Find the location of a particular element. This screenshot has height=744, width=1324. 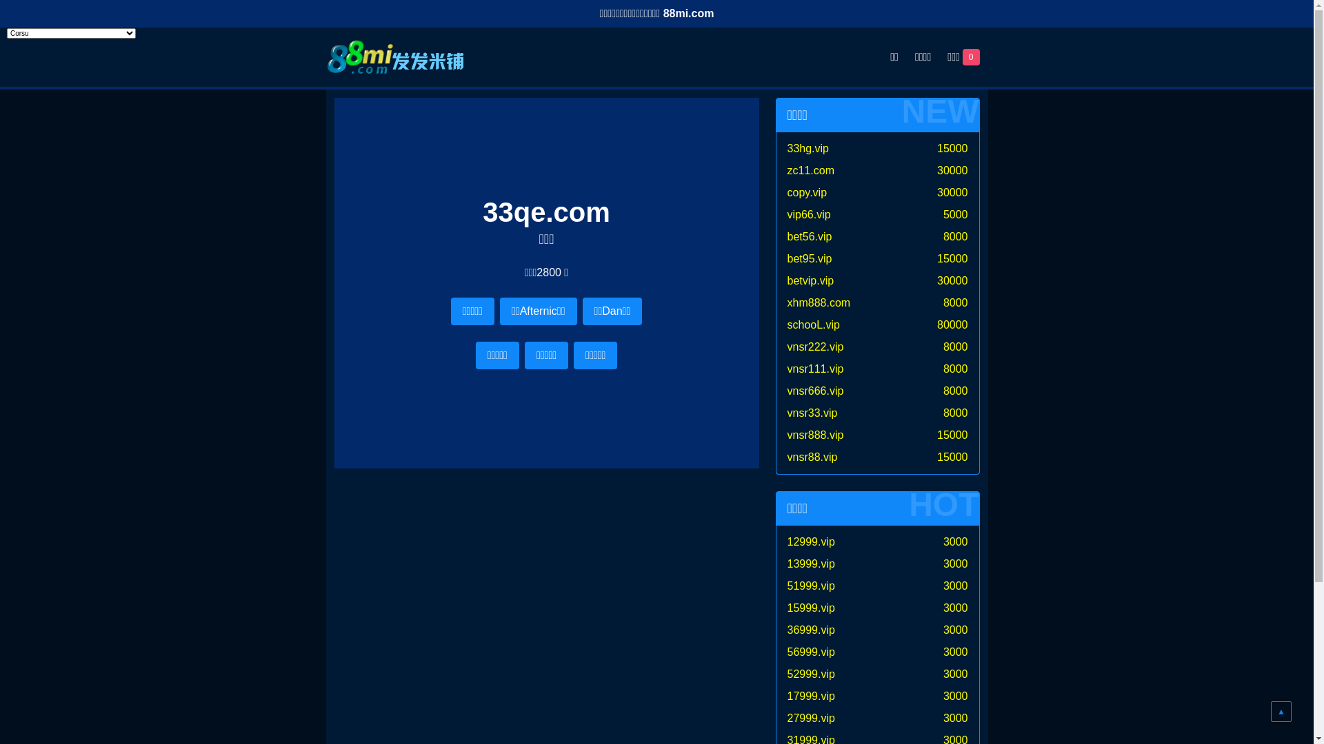

'8000' is located at coordinates (943, 368).